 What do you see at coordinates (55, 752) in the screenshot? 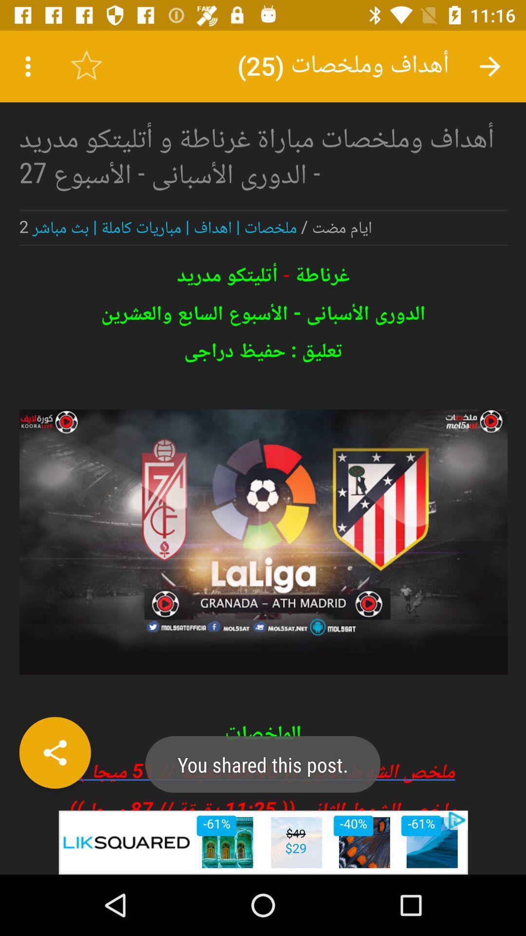
I see `the share icon` at bounding box center [55, 752].